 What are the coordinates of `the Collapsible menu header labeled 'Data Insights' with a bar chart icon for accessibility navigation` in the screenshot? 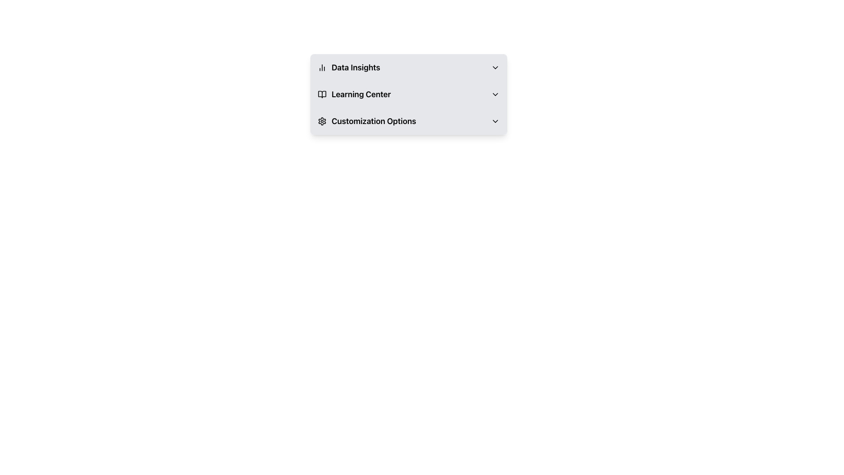 It's located at (408, 67).